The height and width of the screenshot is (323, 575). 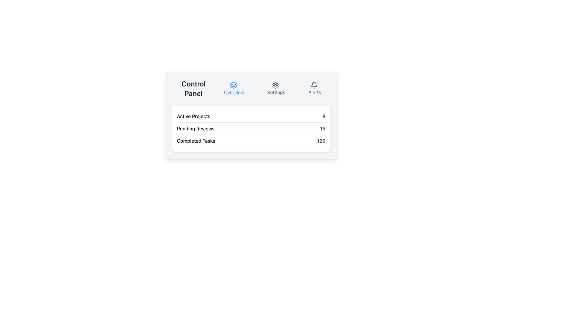 What do you see at coordinates (251, 88) in the screenshot?
I see `any interactive items within the Navigation Bar located at the top of the card interface above the statistics section` at bounding box center [251, 88].